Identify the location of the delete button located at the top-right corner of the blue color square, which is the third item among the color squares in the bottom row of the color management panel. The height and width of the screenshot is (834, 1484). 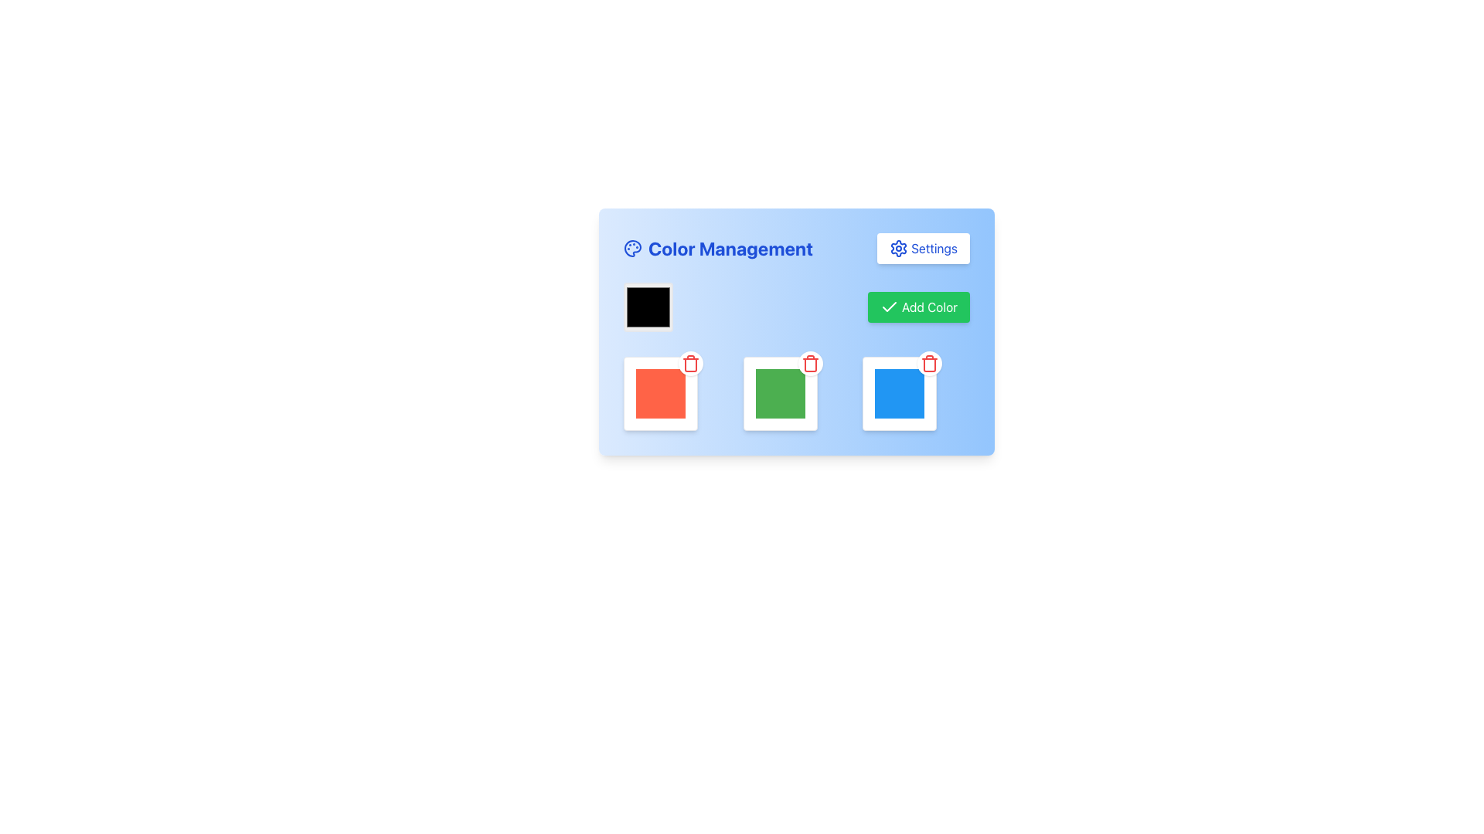
(929, 363).